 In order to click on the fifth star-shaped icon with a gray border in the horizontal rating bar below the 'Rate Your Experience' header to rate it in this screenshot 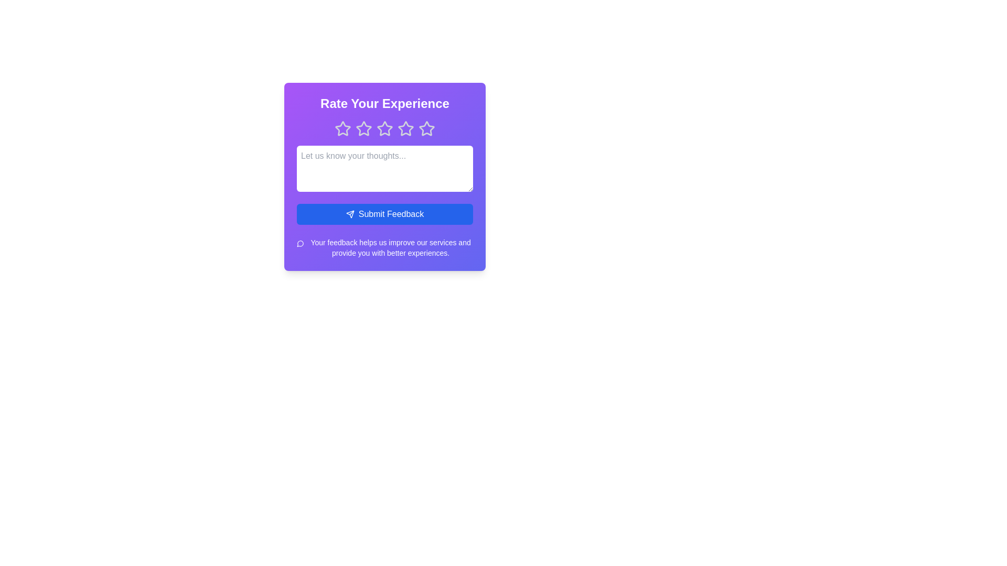, I will do `click(427, 128)`.